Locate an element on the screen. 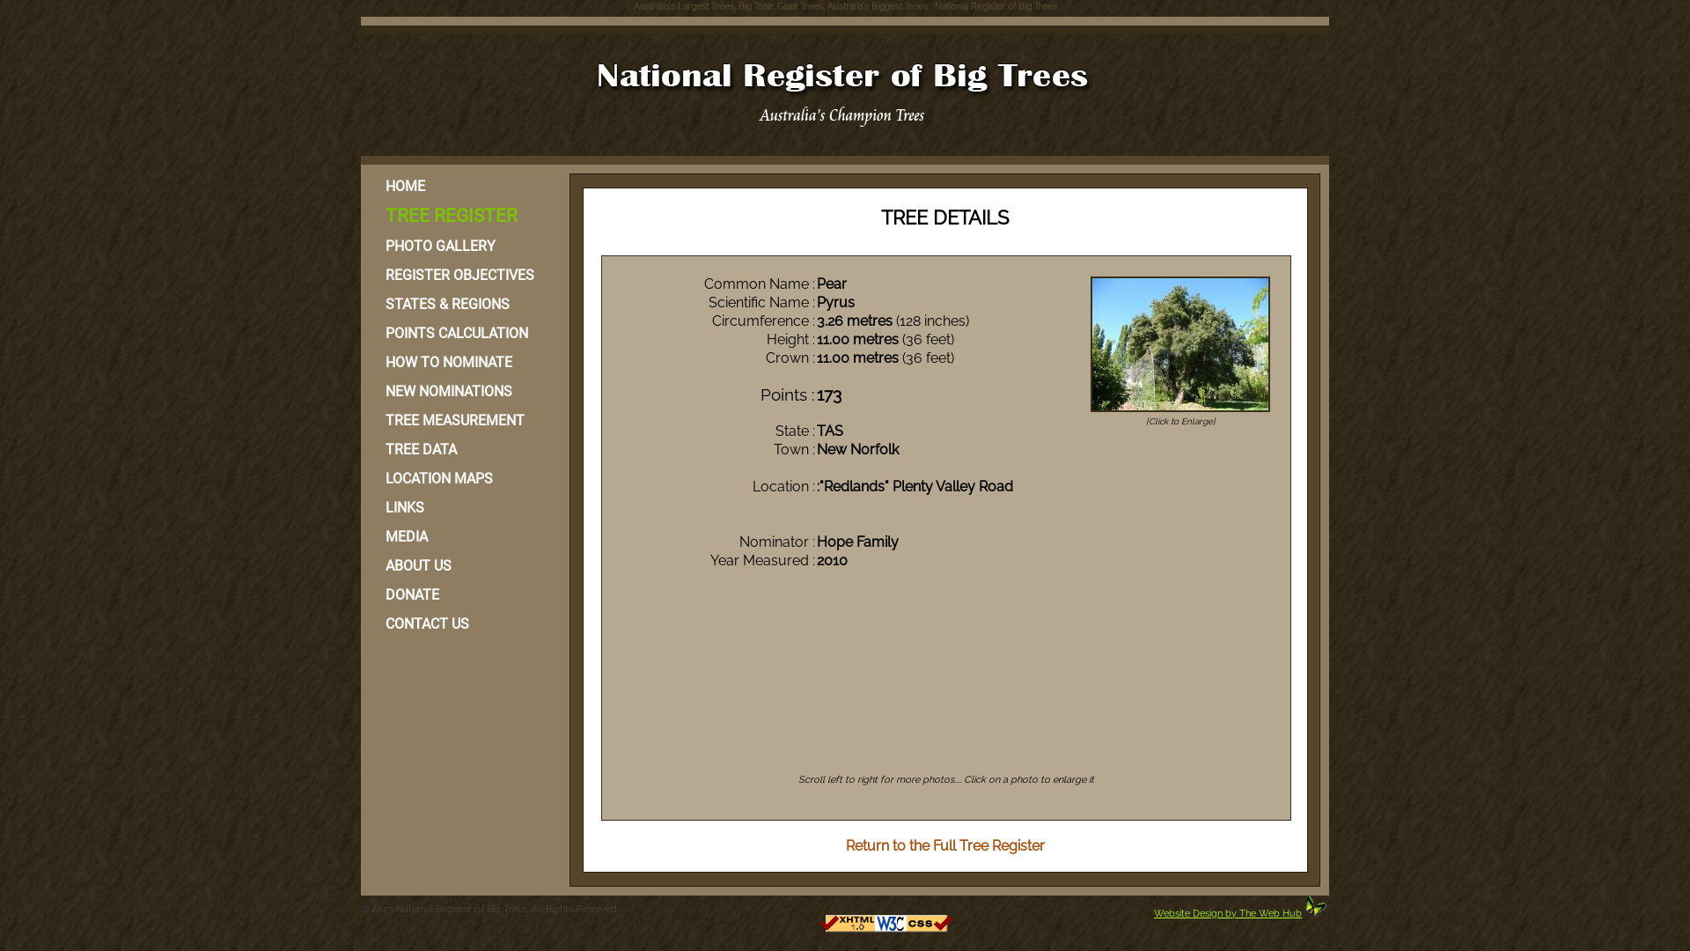 The image size is (1690, 951). 'Website Design by The Web Hub' is located at coordinates (1227, 912).